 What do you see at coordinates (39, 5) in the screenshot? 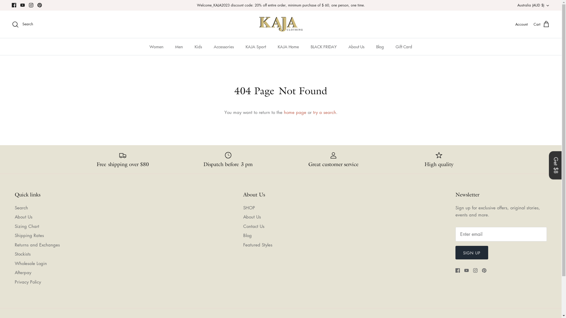
I see `'Pinterest'` at bounding box center [39, 5].